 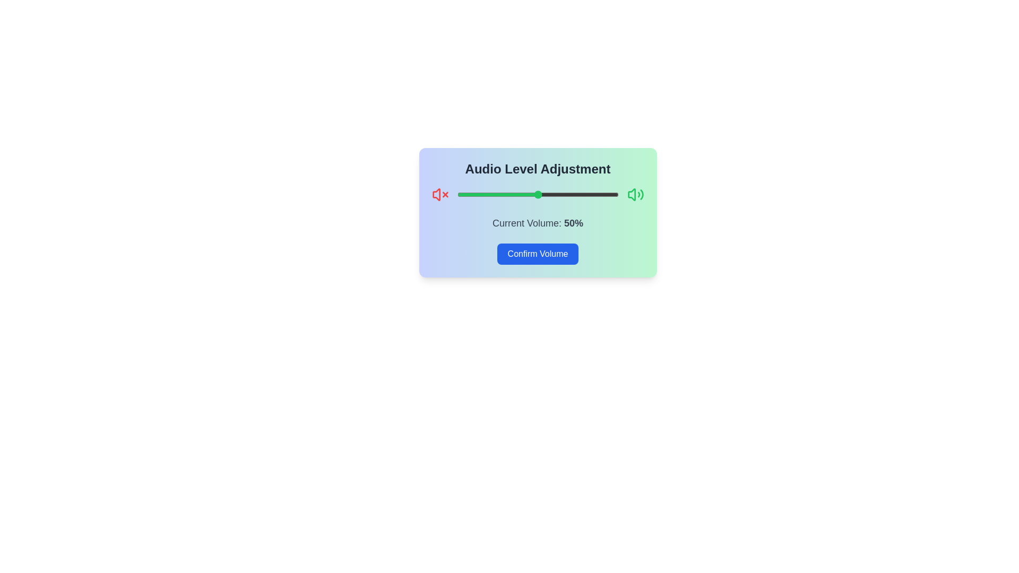 I want to click on the volume slider to set the volume to 20%, so click(x=489, y=194).